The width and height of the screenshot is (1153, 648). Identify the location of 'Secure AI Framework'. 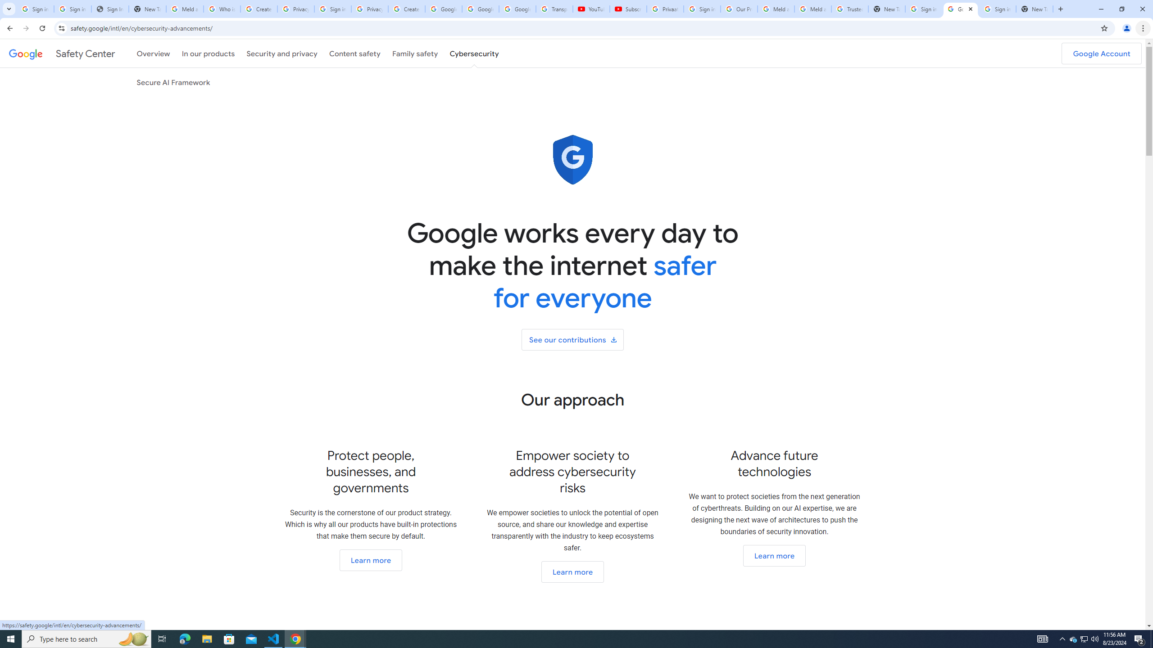
(173, 81).